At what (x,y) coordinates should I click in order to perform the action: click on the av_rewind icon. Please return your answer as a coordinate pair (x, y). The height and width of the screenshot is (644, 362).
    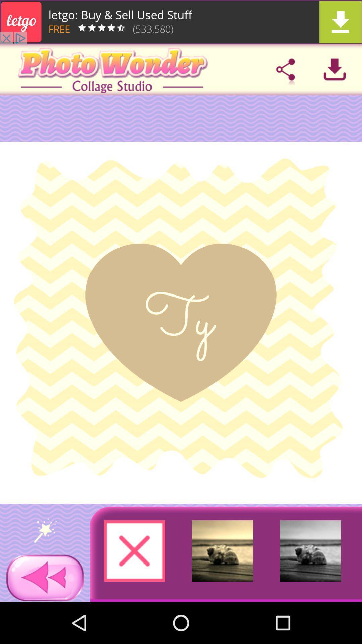
    Looking at the image, I should click on (45, 578).